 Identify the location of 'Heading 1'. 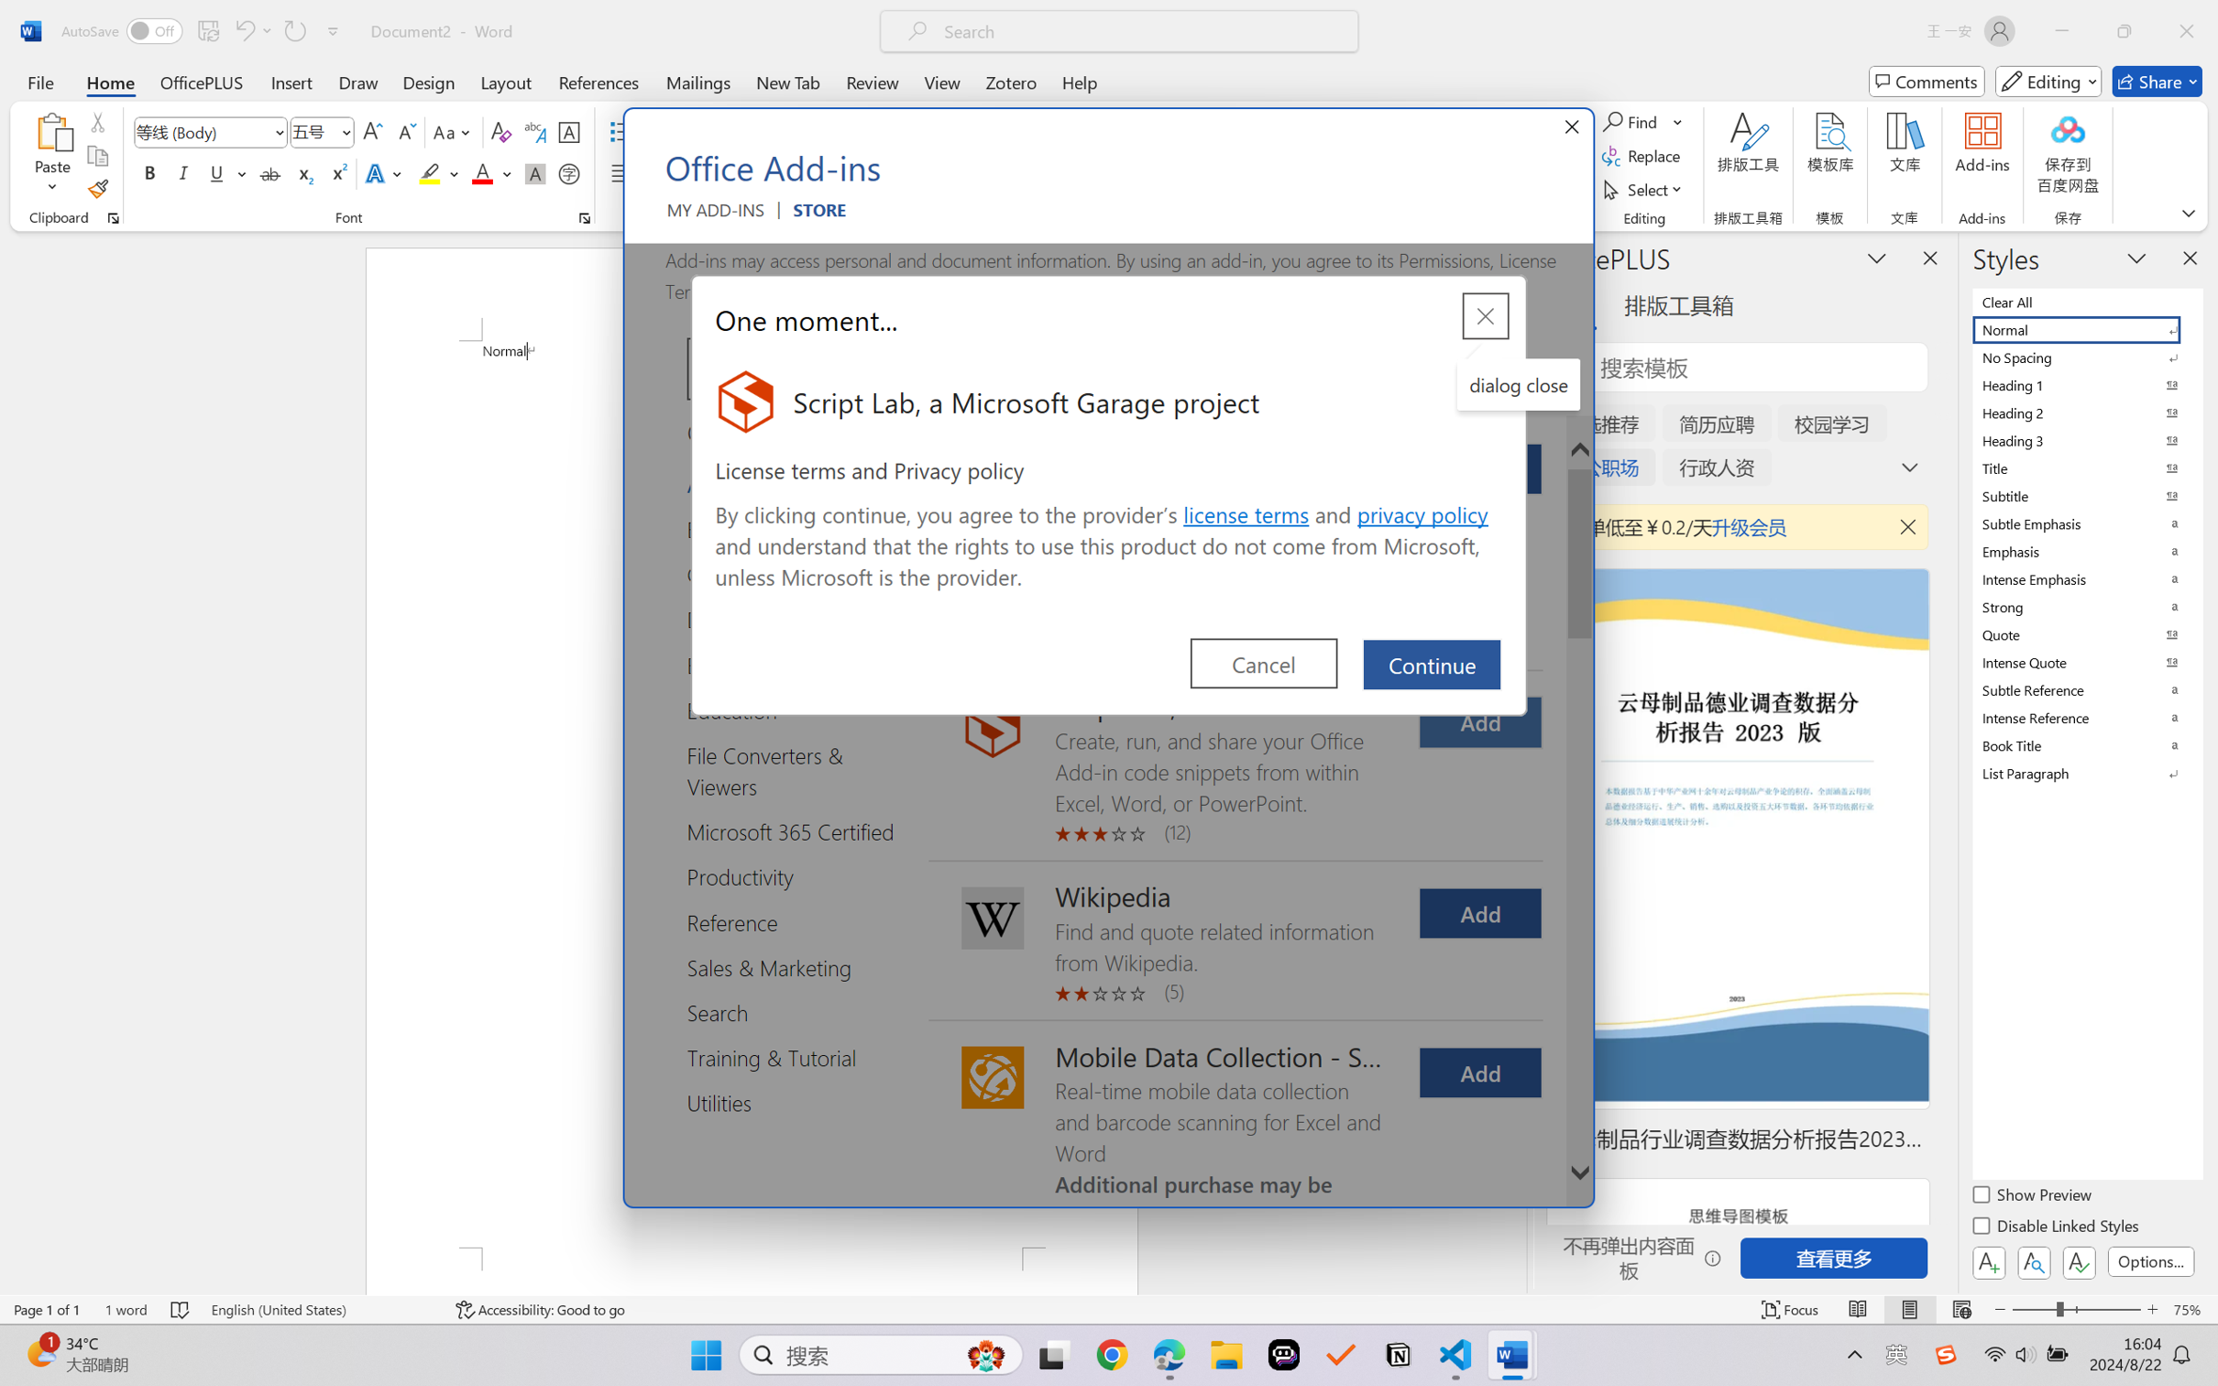
(2085, 384).